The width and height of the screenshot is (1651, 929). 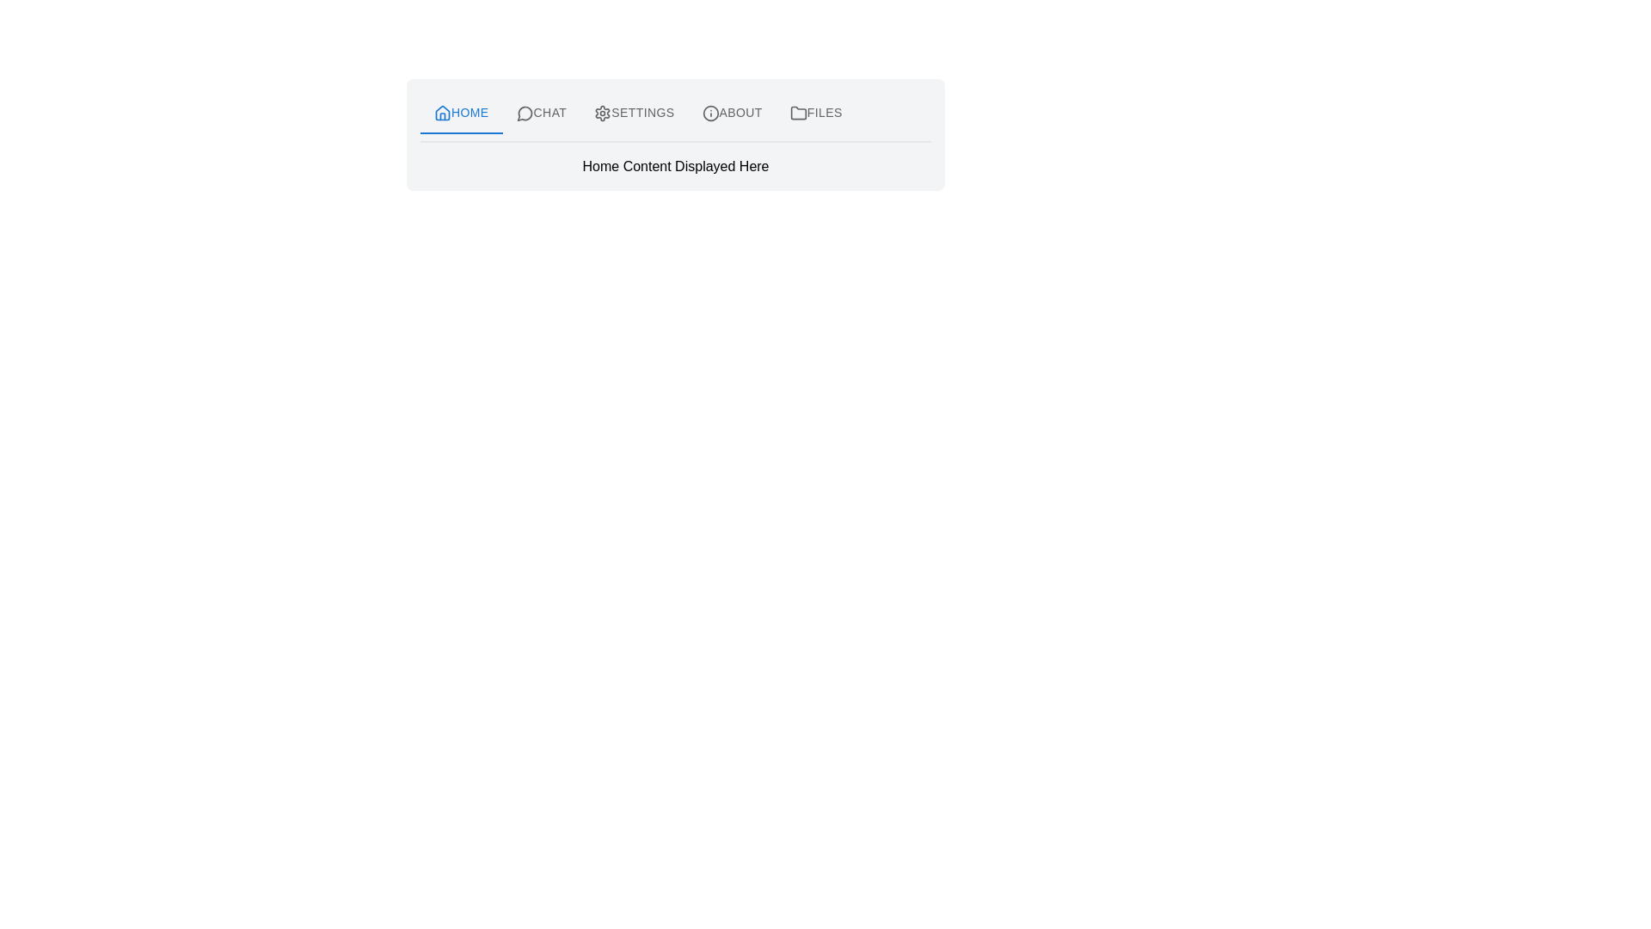 What do you see at coordinates (603, 113) in the screenshot?
I see `the main part of the gear icon representing 'settings' in the menu bar to interact with it` at bounding box center [603, 113].